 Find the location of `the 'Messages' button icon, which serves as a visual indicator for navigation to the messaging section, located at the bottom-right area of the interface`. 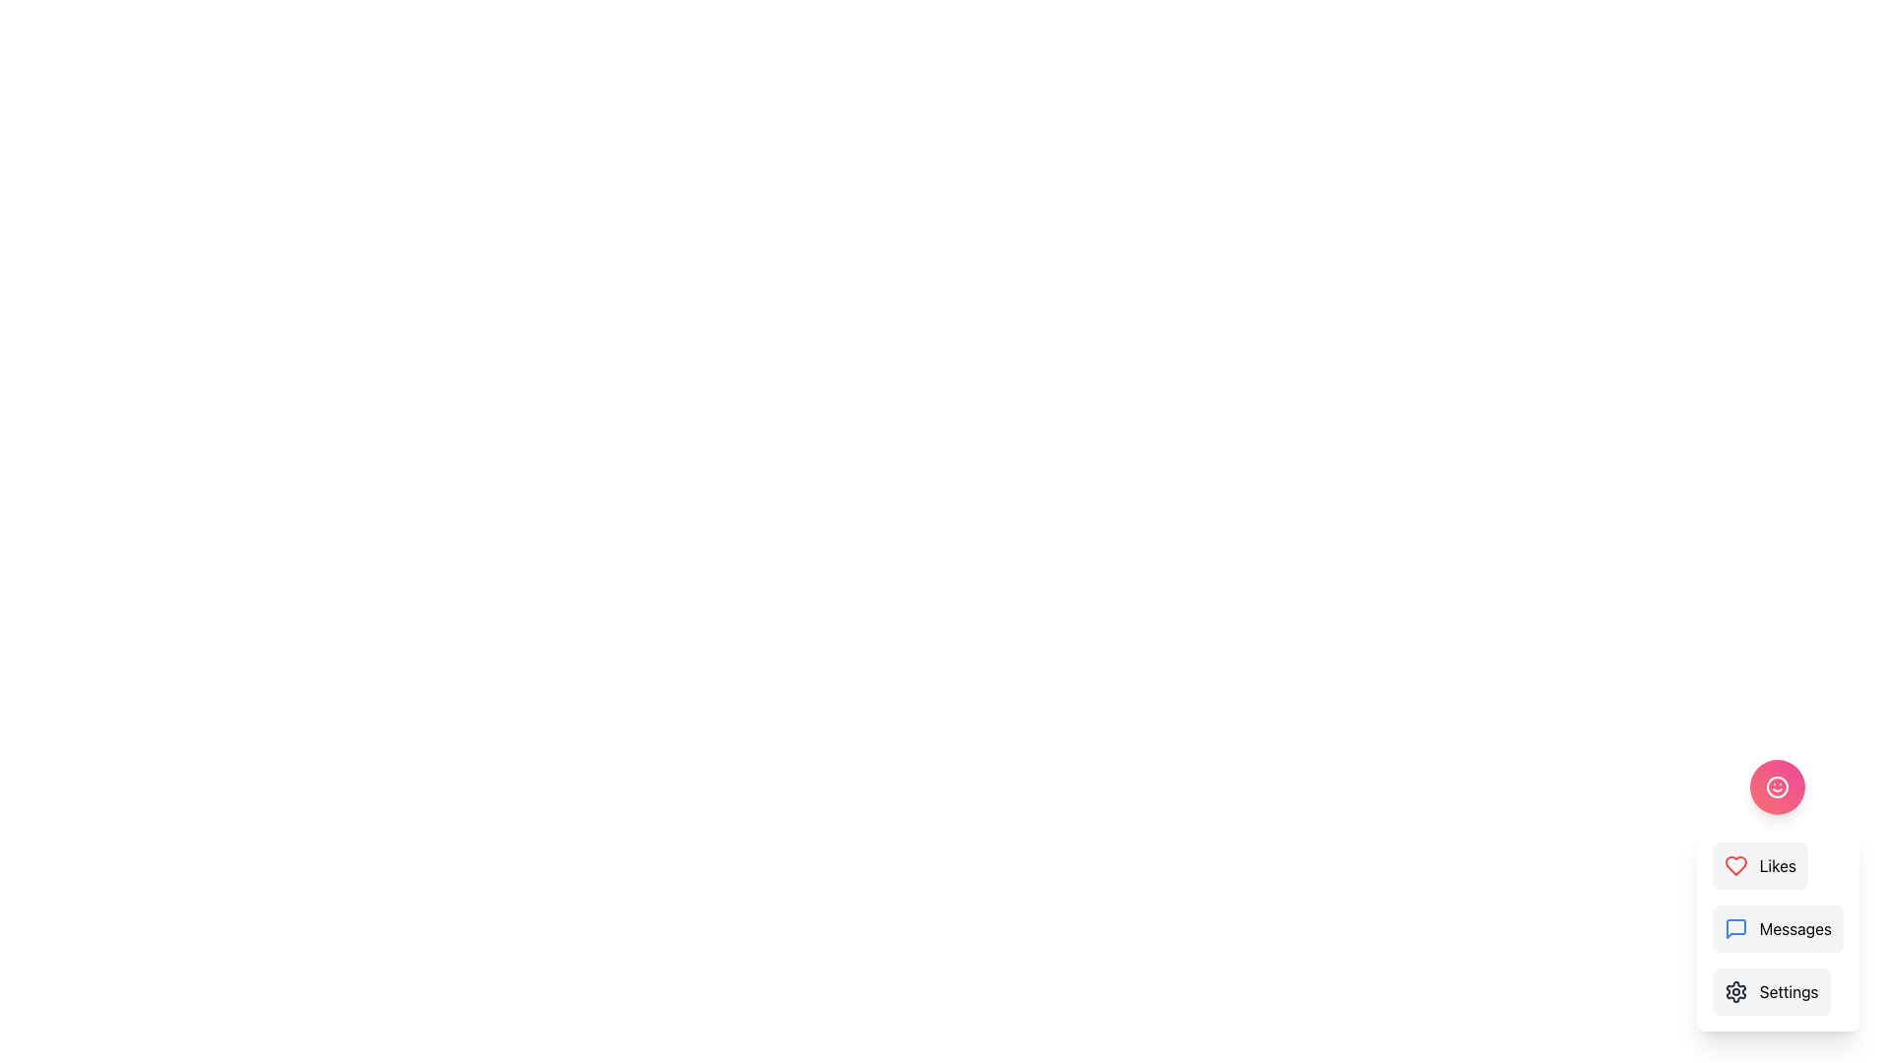

the 'Messages' button icon, which serves as a visual indicator for navigation to the messaging section, located at the bottom-right area of the interface is located at coordinates (1735, 929).